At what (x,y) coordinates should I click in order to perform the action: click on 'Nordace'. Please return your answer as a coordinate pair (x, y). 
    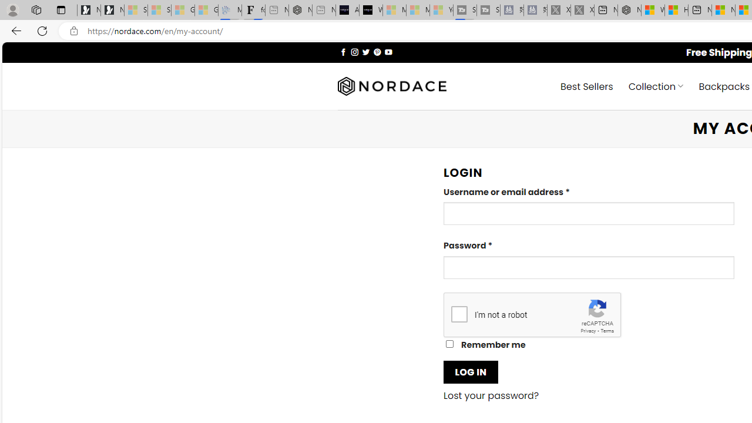
    Looking at the image, I should click on (392, 86).